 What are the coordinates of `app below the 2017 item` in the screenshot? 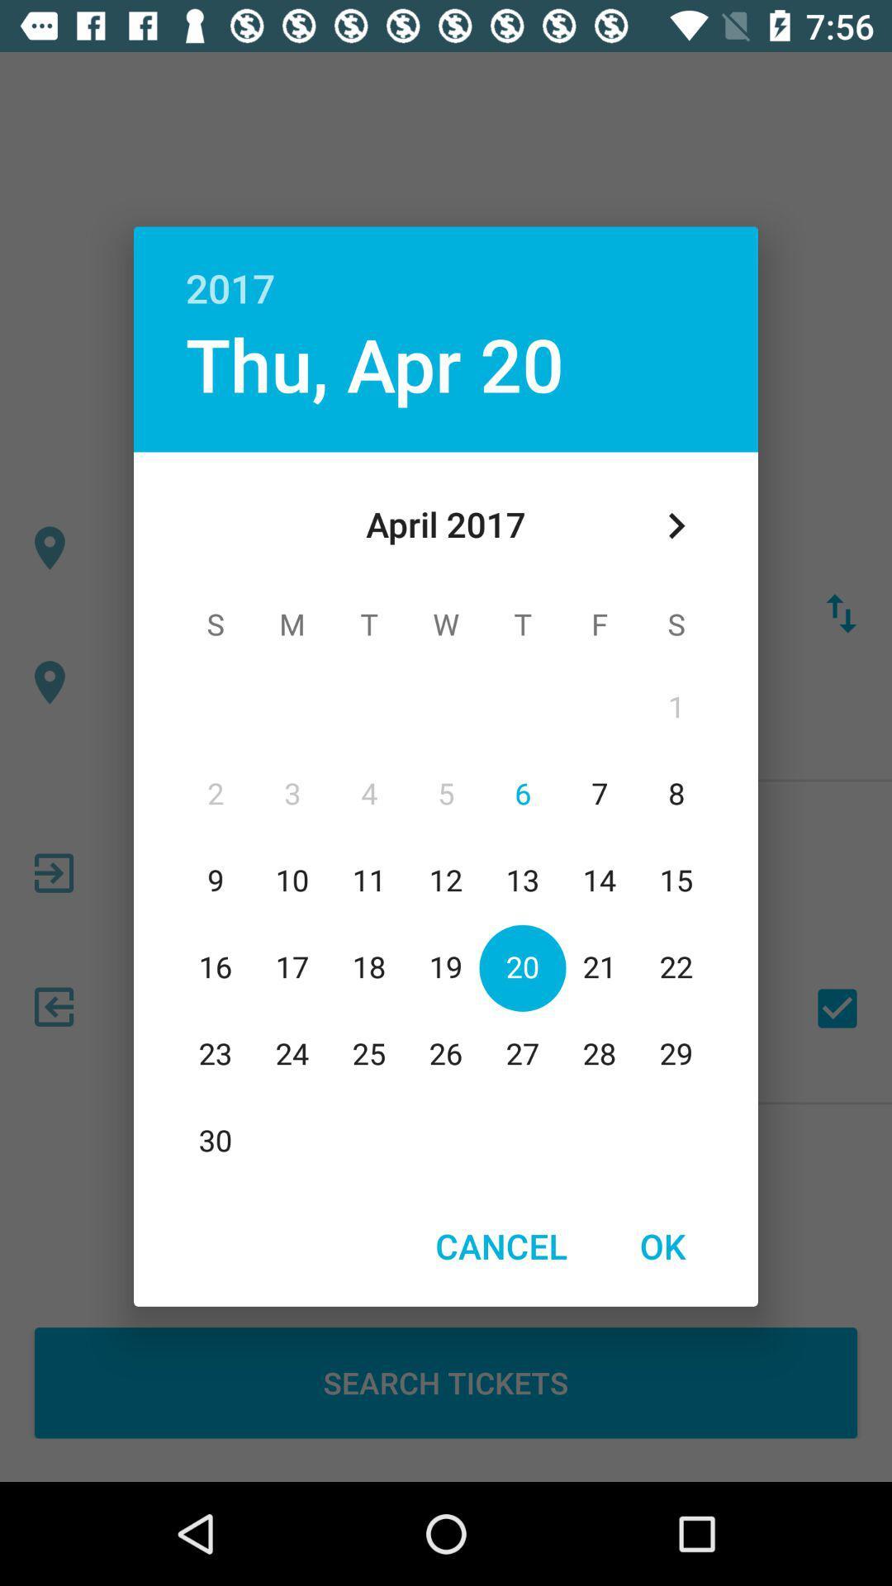 It's located at (375, 363).